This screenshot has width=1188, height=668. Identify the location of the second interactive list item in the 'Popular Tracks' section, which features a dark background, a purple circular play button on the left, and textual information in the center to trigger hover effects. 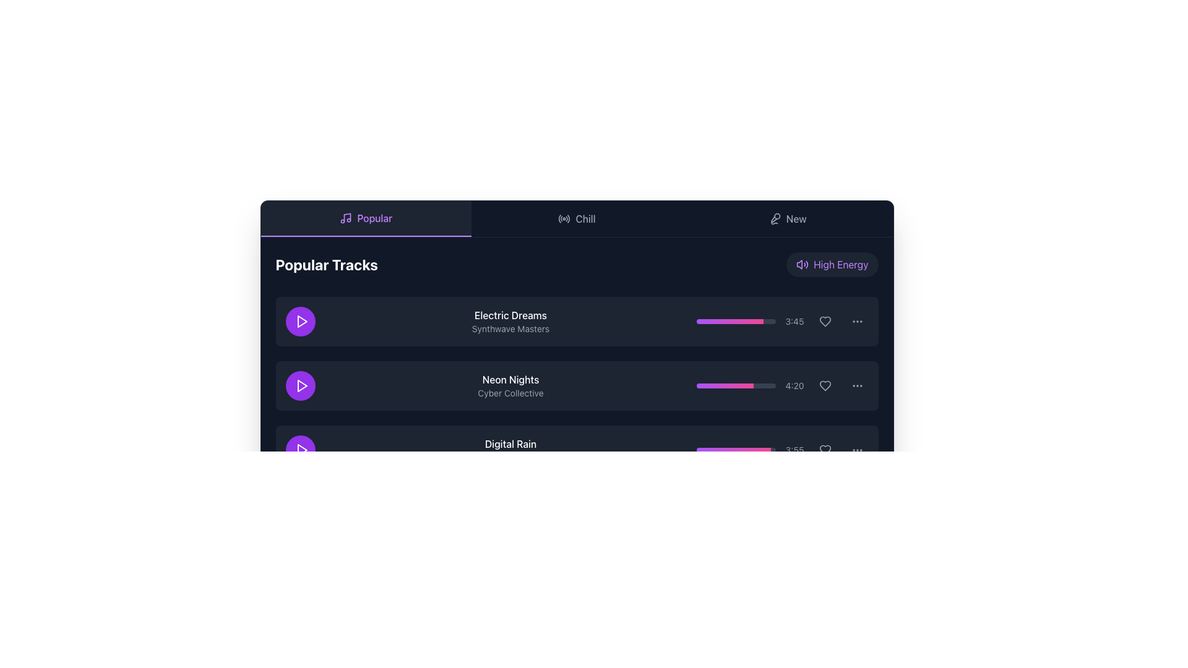
(576, 385).